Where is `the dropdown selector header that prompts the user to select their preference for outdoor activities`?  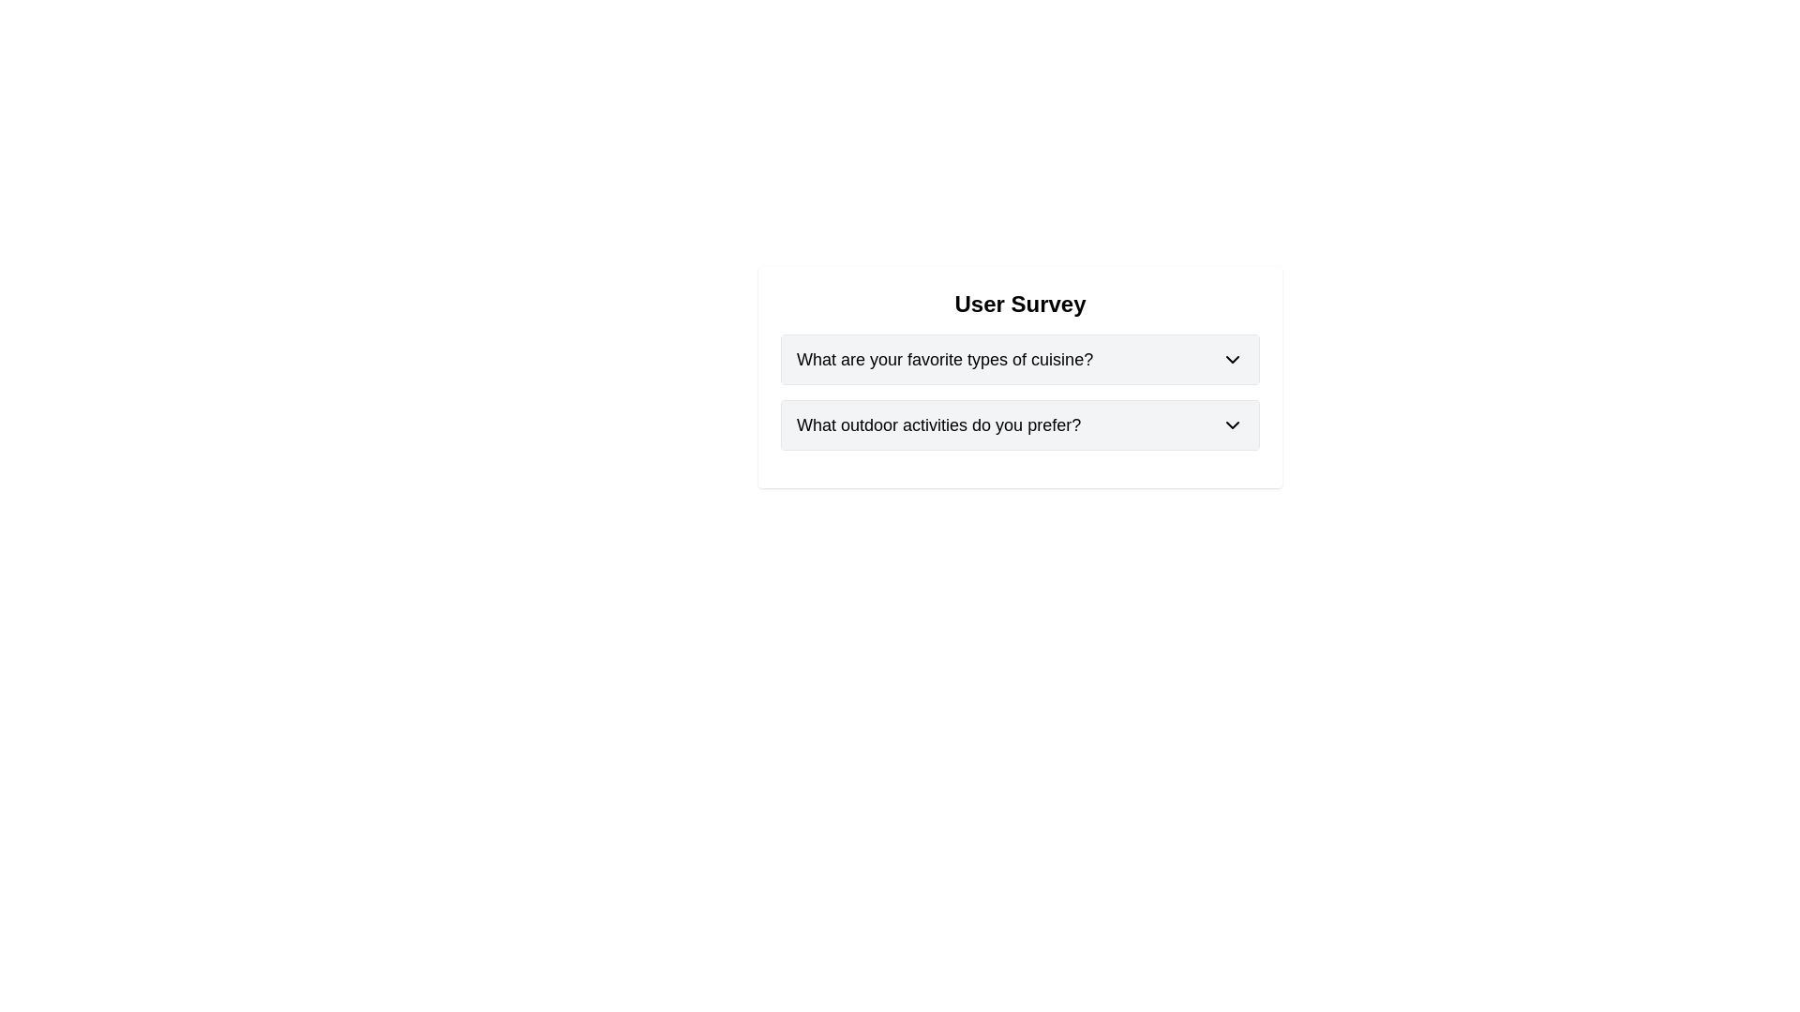
the dropdown selector header that prompts the user to select their preference for outdoor activities is located at coordinates (1019, 425).